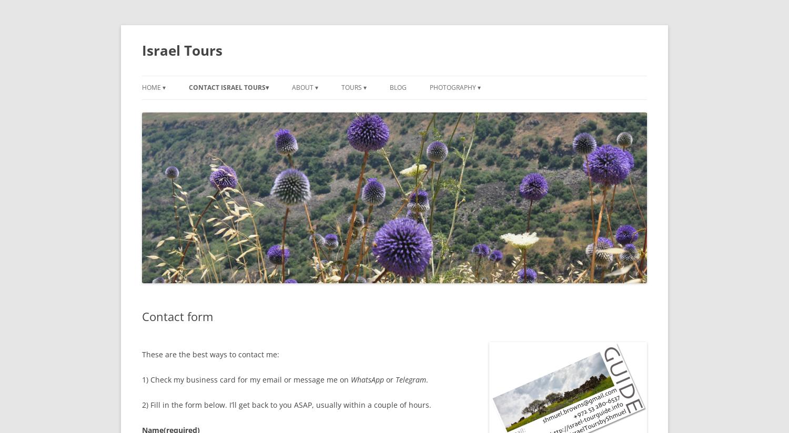  What do you see at coordinates (395, 379) in the screenshot?
I see `'Telegram'` at bounding box center [395, 379].